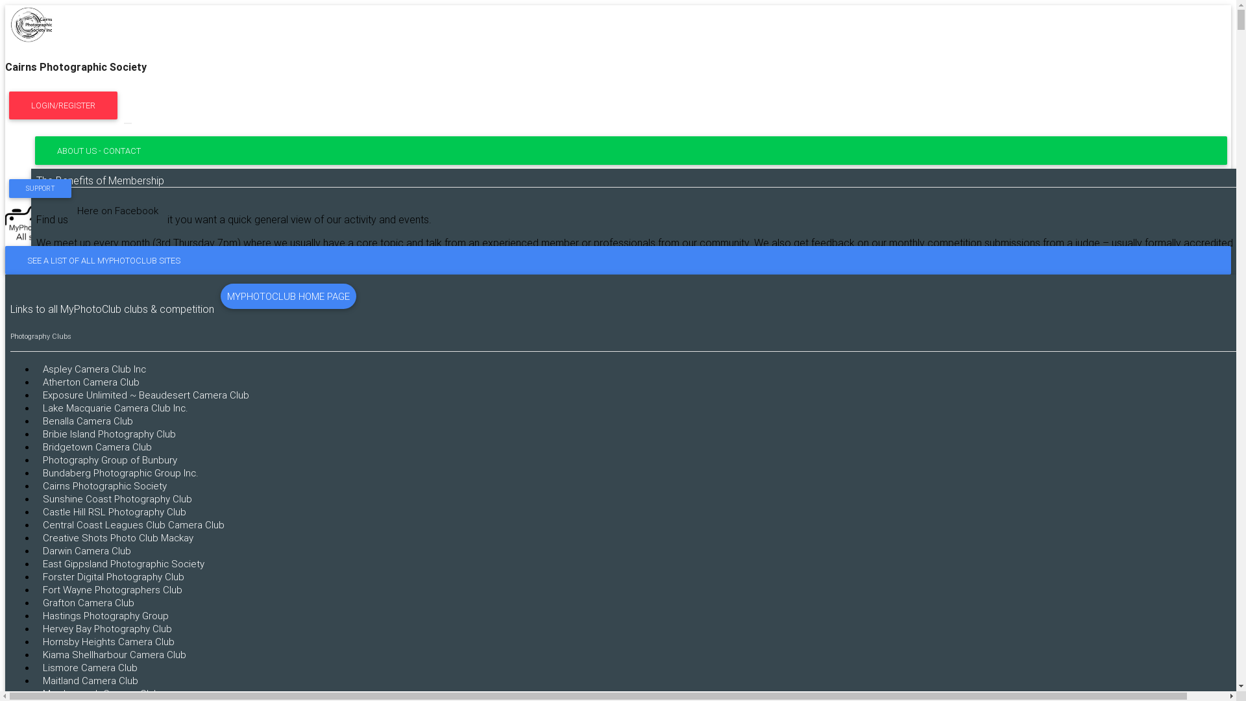  I want to click on 'Creative Shots Photo Club Mackay', so click(118, 537).